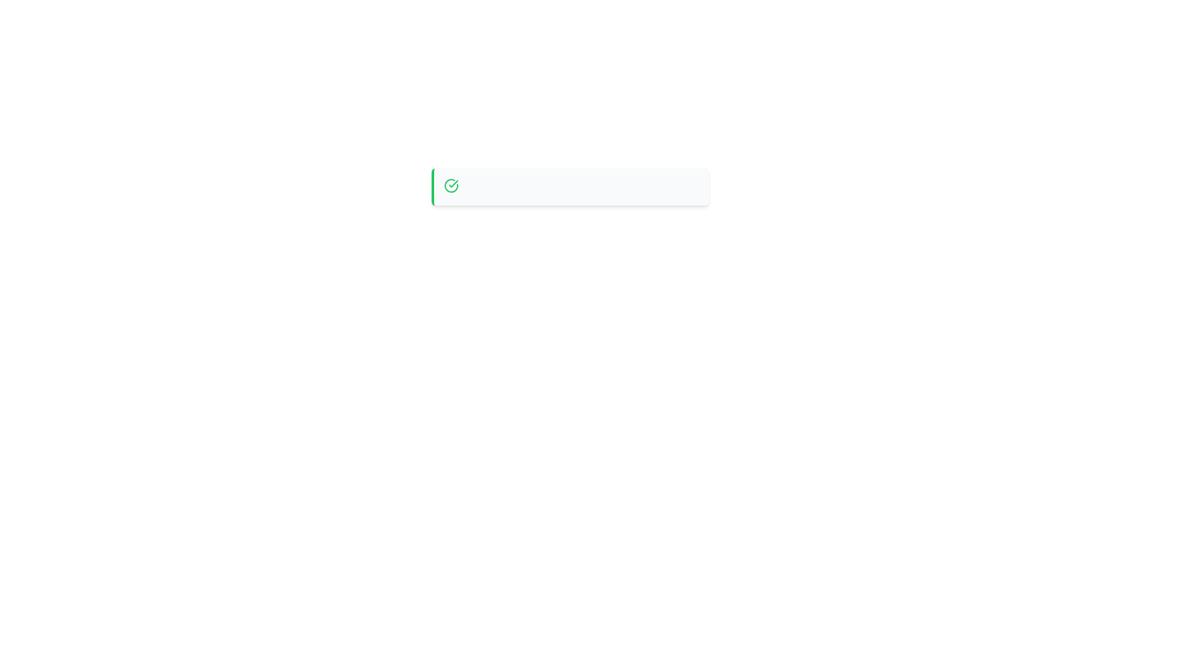  What do you see at coordinates (570, 186) in the screenshot?
I see `information contained in the notification bar located in the center upper portion of the viewport, identified by its green outline on the left` at bounding box center [570, 186].